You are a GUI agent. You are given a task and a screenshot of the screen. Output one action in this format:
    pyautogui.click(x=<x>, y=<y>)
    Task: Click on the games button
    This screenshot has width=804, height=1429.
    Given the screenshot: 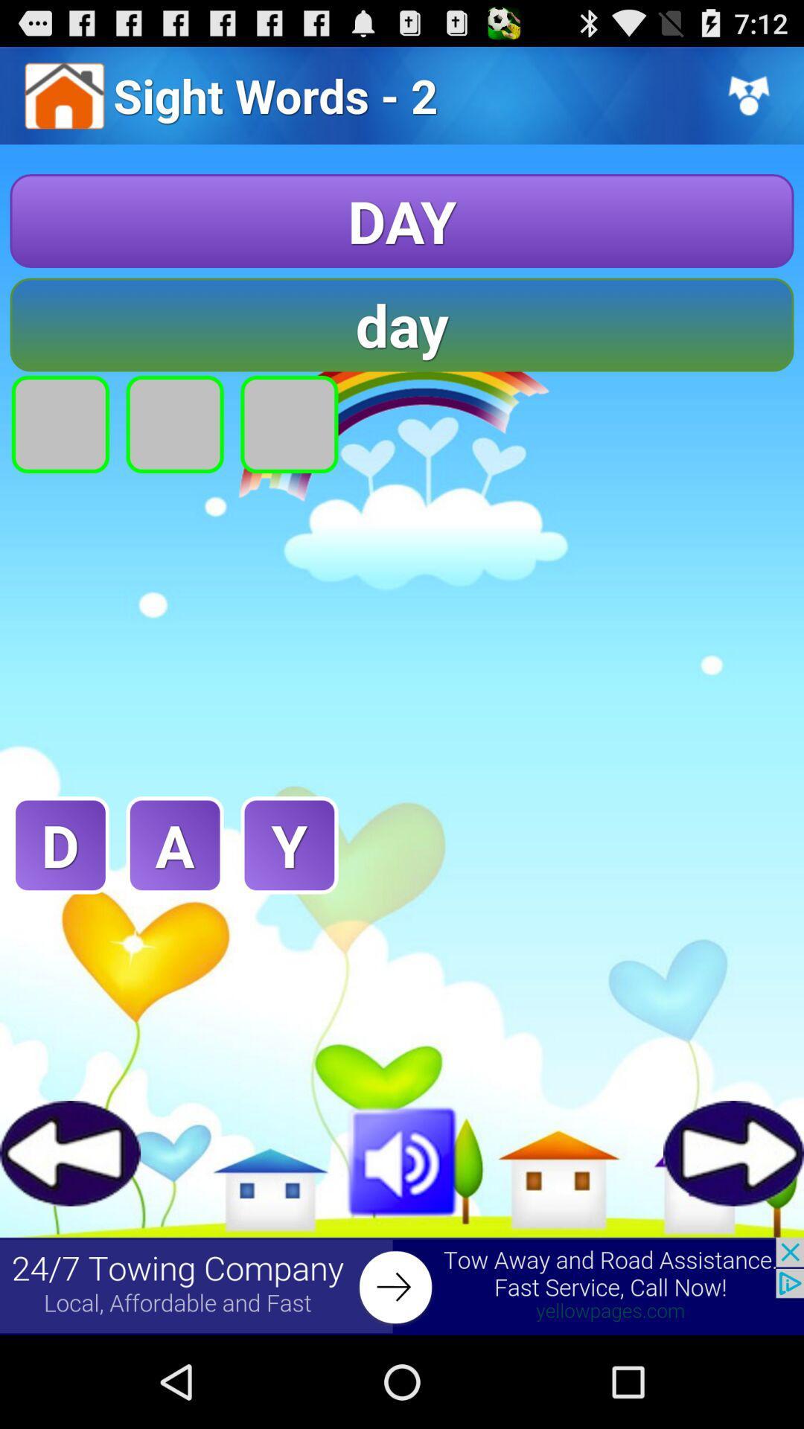 What is the action you would take?
    pyautogui.click(x=70, y=1152)
    